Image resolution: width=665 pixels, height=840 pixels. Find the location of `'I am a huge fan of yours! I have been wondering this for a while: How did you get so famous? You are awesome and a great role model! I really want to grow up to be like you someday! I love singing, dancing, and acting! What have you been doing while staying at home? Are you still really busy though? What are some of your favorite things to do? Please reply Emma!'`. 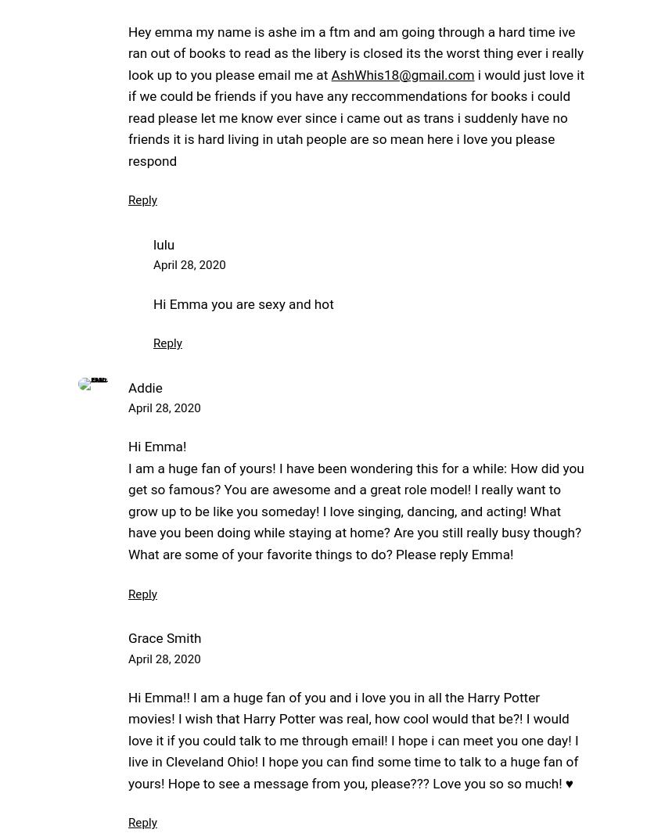

'I am a huge fan of yours! I have been wondering this for a while: How did you get so famous? You are awesome and a great role model! I really want to grow up to be like you someday! I love singing, dancing, and acting! What have you been doing while staying at home? Are you still really busy though? What are some of your favorite things to do? Please reply Emma!' is located at coordinates (355, 510).